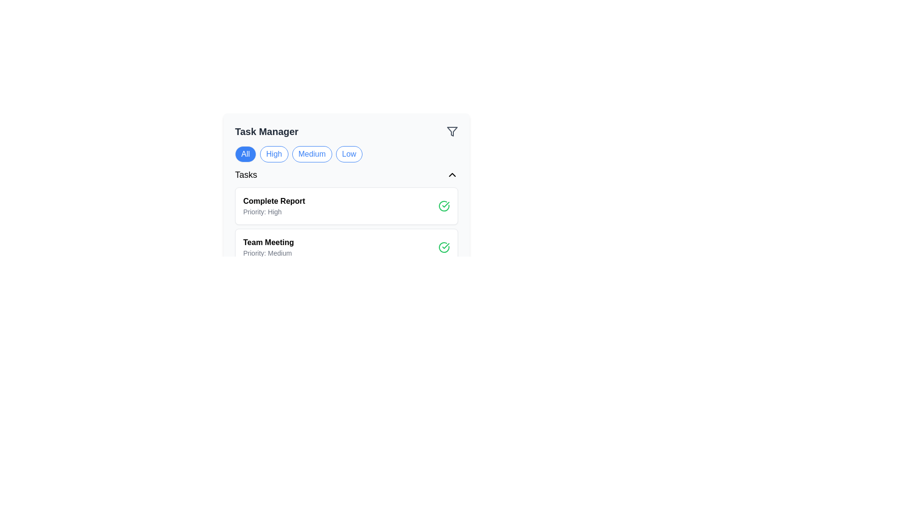 The height and width of the screenshot is (519, 923). What do you see at coordinates (312, 153) in the screenshot?
I see `the rounded button labeled 'Medium' with a white background and blue text` at bounding box center [312, 153].